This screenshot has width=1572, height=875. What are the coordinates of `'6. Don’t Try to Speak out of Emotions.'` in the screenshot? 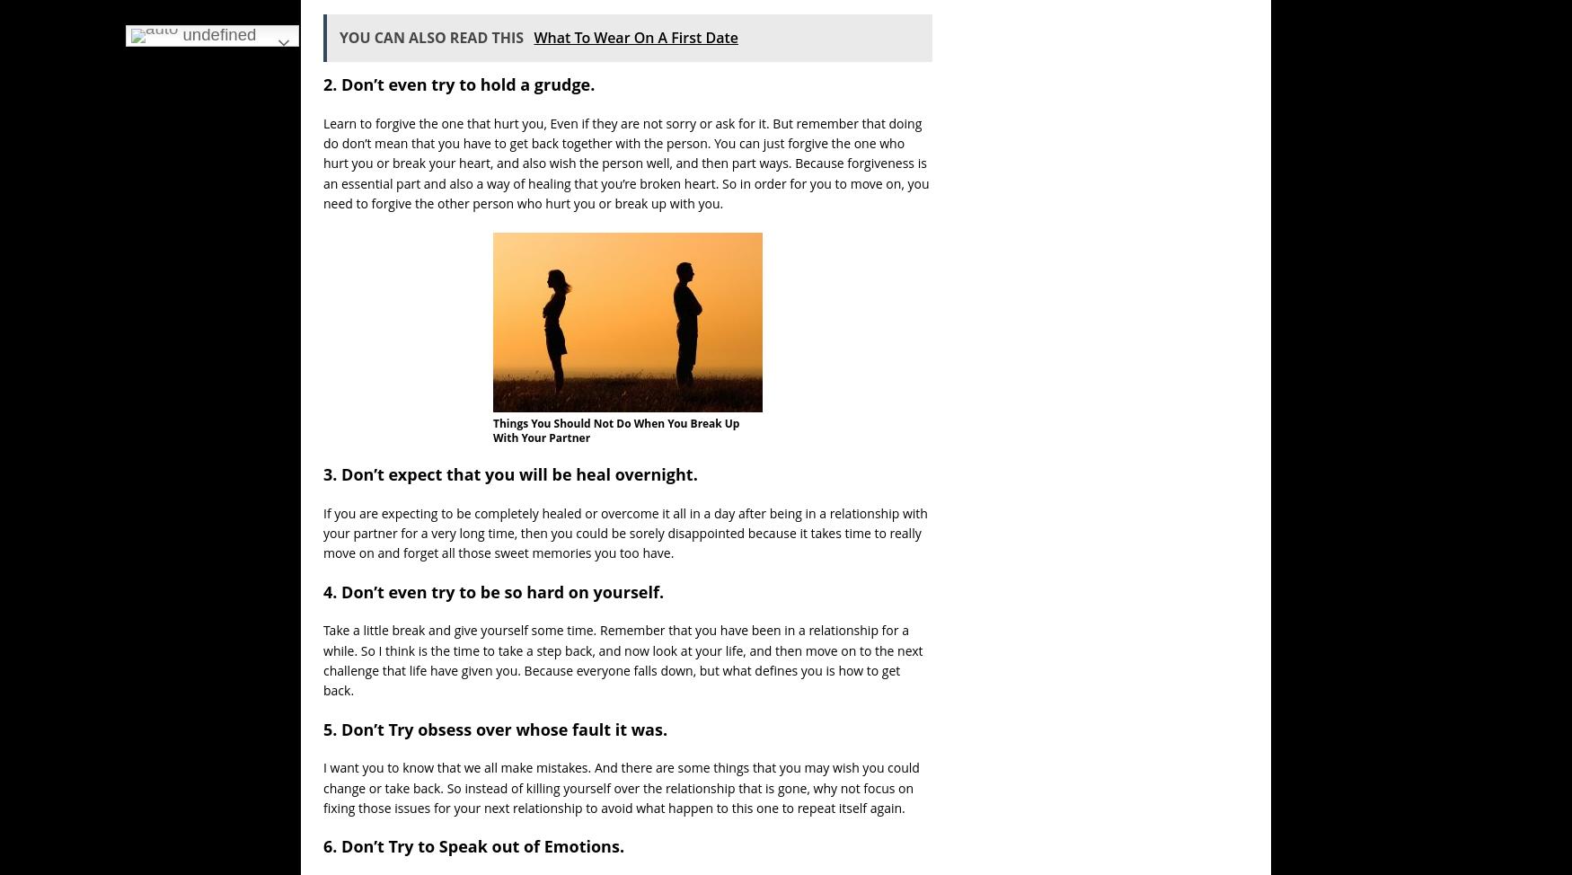 It's located at (322, 844).